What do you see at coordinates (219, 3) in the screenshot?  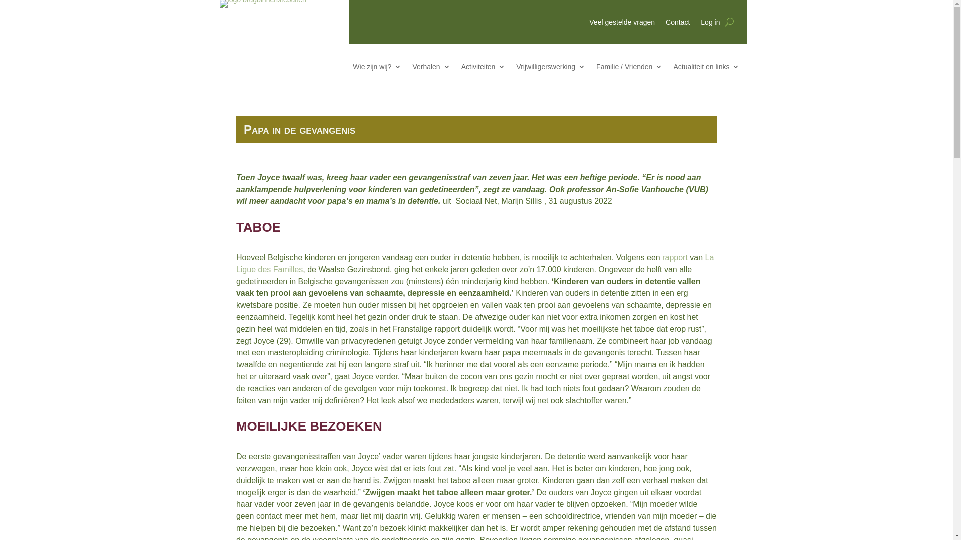 I see `'moederbestand_logoBBB_kleur_bijgesneden - gemiddeld'` at bounding box center [219, 3].